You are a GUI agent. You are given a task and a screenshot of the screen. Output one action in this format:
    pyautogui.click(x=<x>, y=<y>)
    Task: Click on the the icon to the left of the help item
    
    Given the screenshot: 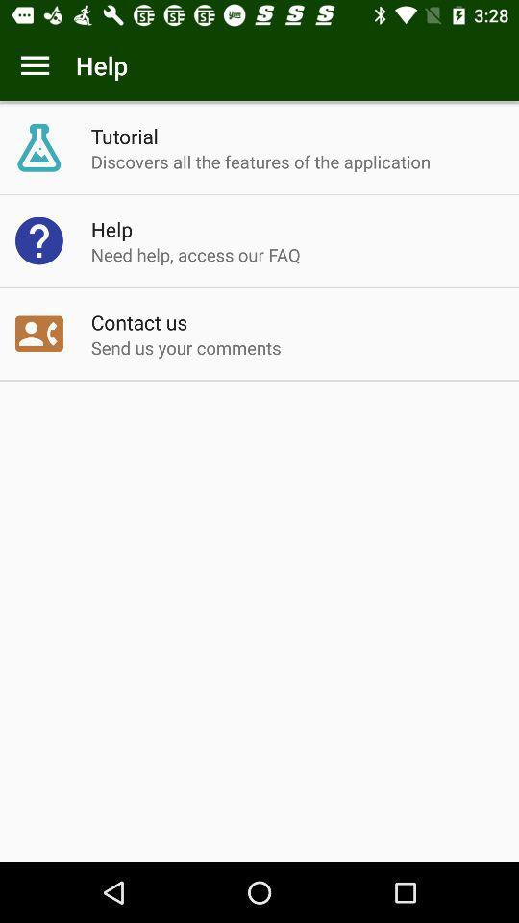 What is the action you would take?
    pyautogui.click(x=35, y=65)
    